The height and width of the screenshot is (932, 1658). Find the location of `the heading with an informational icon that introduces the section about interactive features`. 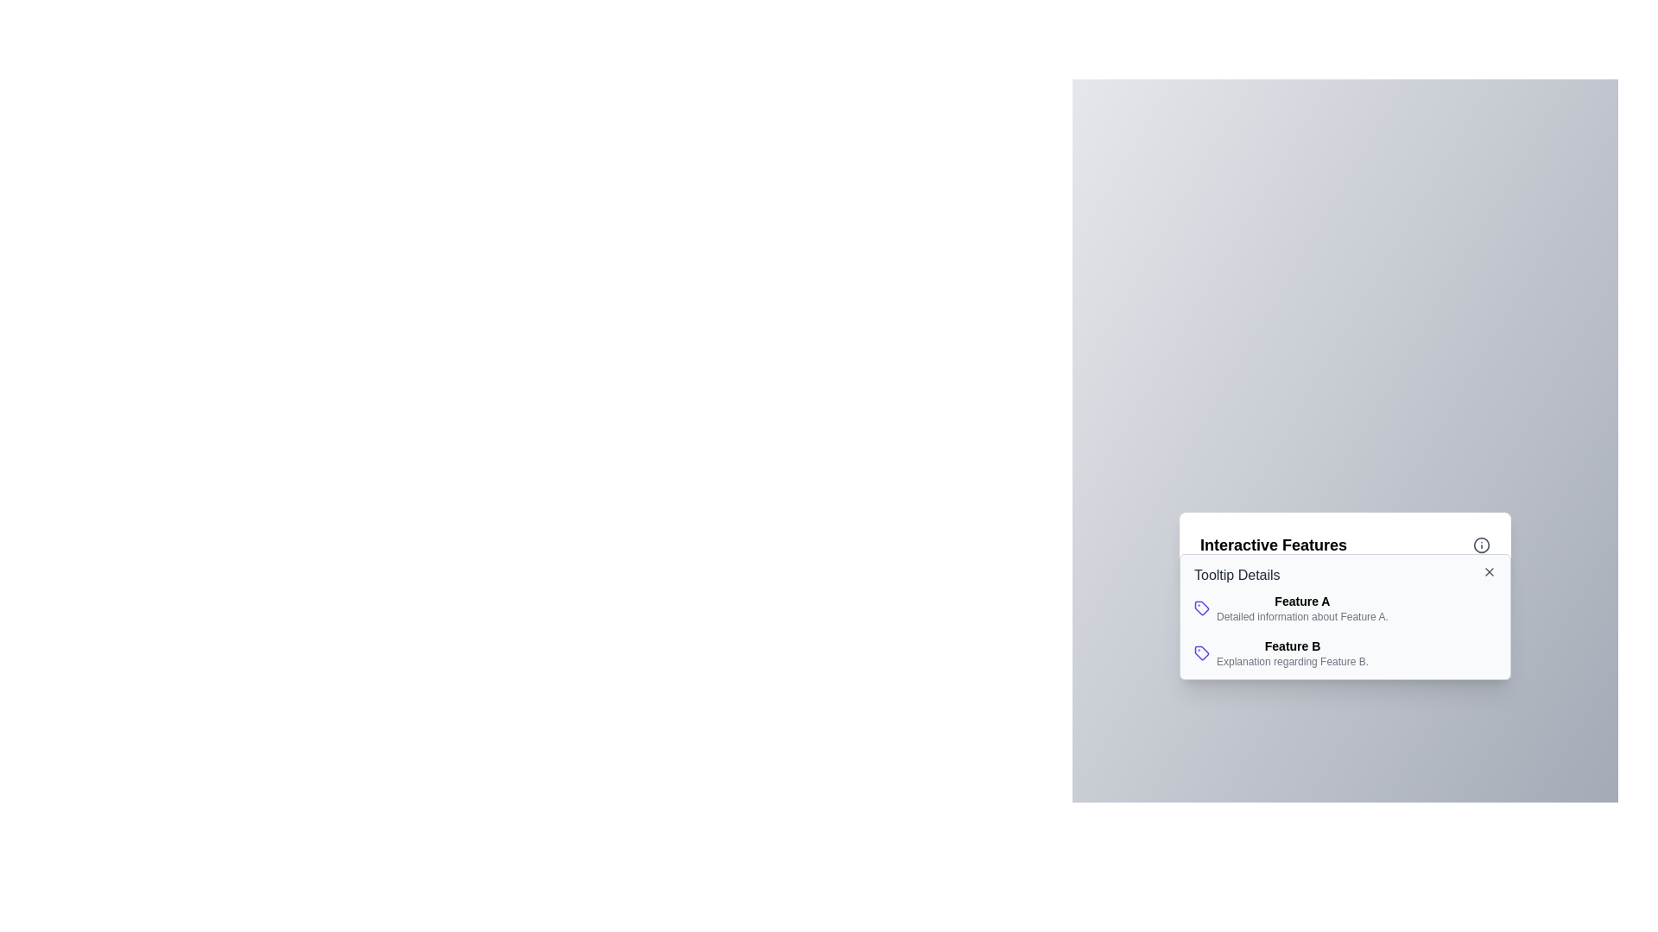

the heading with an informational icon that introduces the section about interactive features is located at coordinates (1345, 545).